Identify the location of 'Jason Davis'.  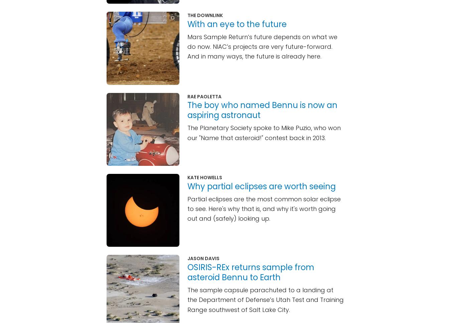
(187, 258).